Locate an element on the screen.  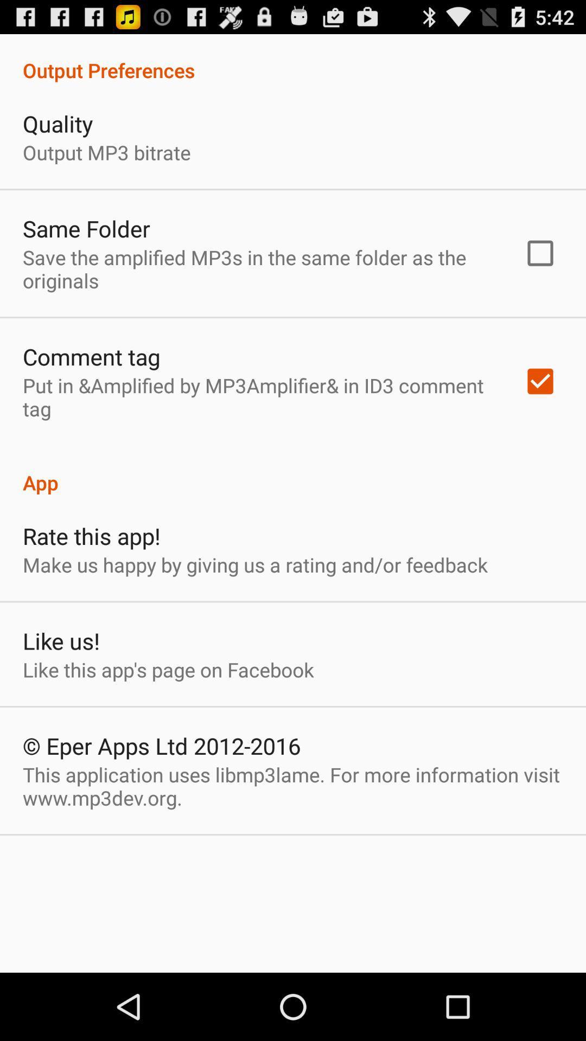
the like us! is located at coordinates (61, 640).